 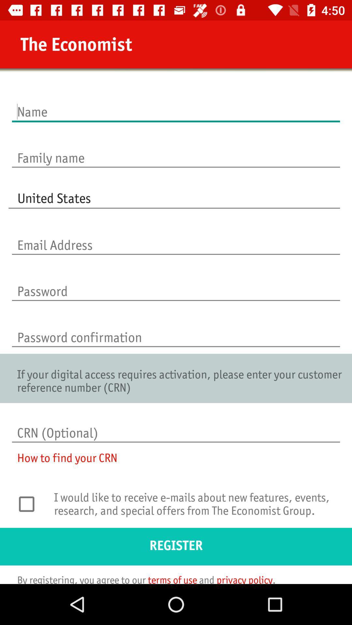 I want to click on email line, so click(x=176, y=238).